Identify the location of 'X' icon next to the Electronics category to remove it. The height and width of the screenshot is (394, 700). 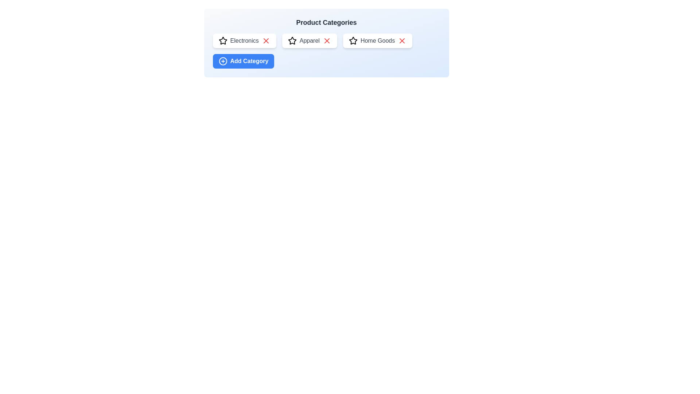
(265, 40).